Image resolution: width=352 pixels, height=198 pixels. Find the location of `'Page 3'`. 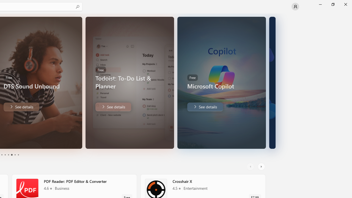

'Page 3' is located at coordinates (8, 155).